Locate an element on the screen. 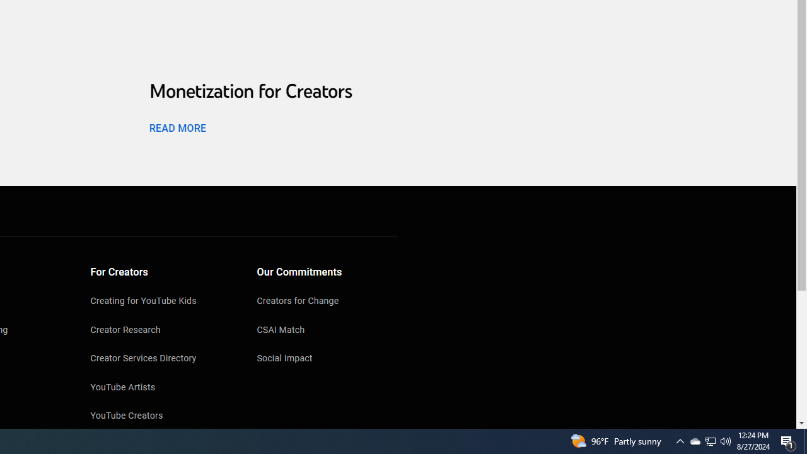  'Creators for Change' is located at coordinates (327, 302).